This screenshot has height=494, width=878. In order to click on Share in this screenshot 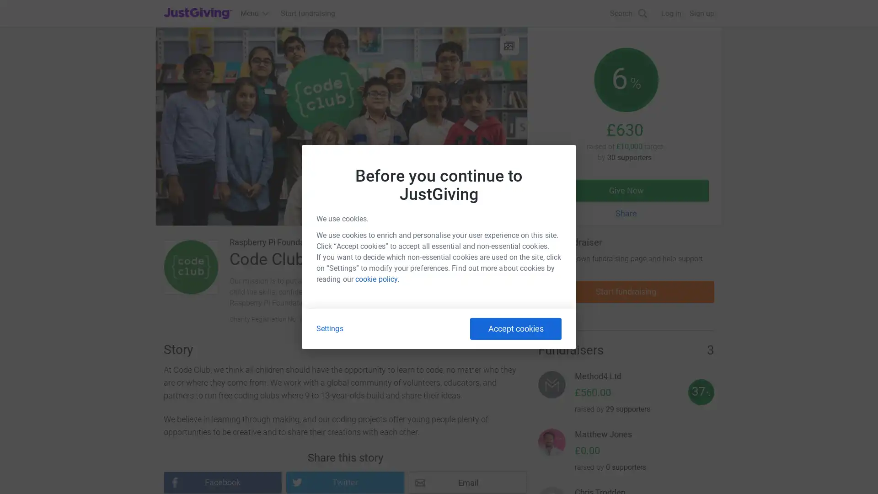, I will do `click(626, 213)`.